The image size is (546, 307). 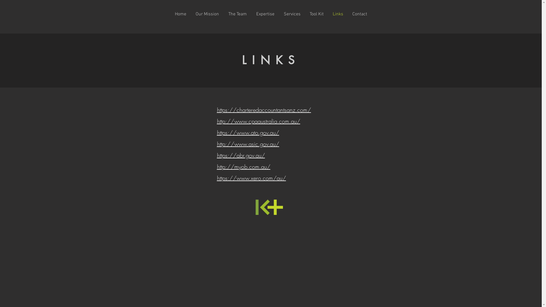 What do you see at coordinates (251, 14) in the screenshot?
I see `'Expertise'` at bounding box center [251, 14].